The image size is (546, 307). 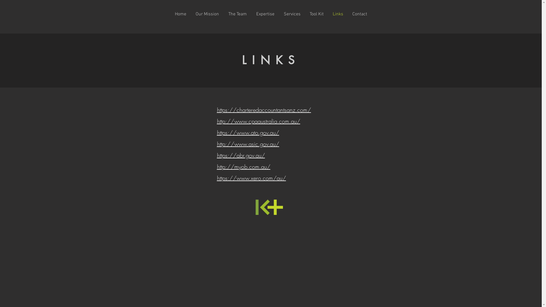 What do you see at coordinates (251, 14) in the screenshot?
I see `'Expertise'` at bounding box center [251, 14].